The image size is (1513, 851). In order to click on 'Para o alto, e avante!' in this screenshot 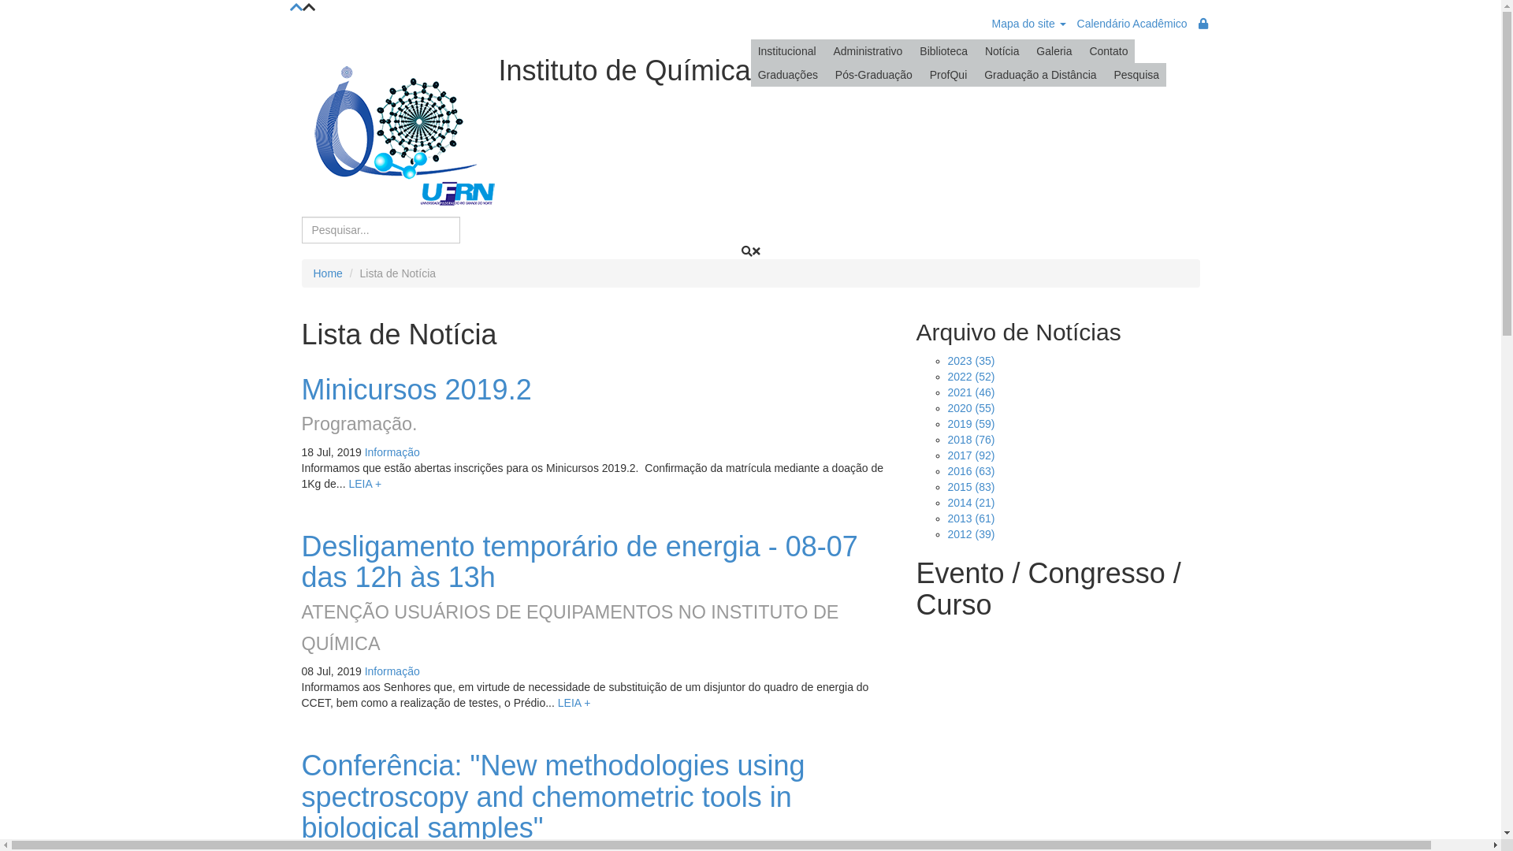, I will do `click(296, 8)`.